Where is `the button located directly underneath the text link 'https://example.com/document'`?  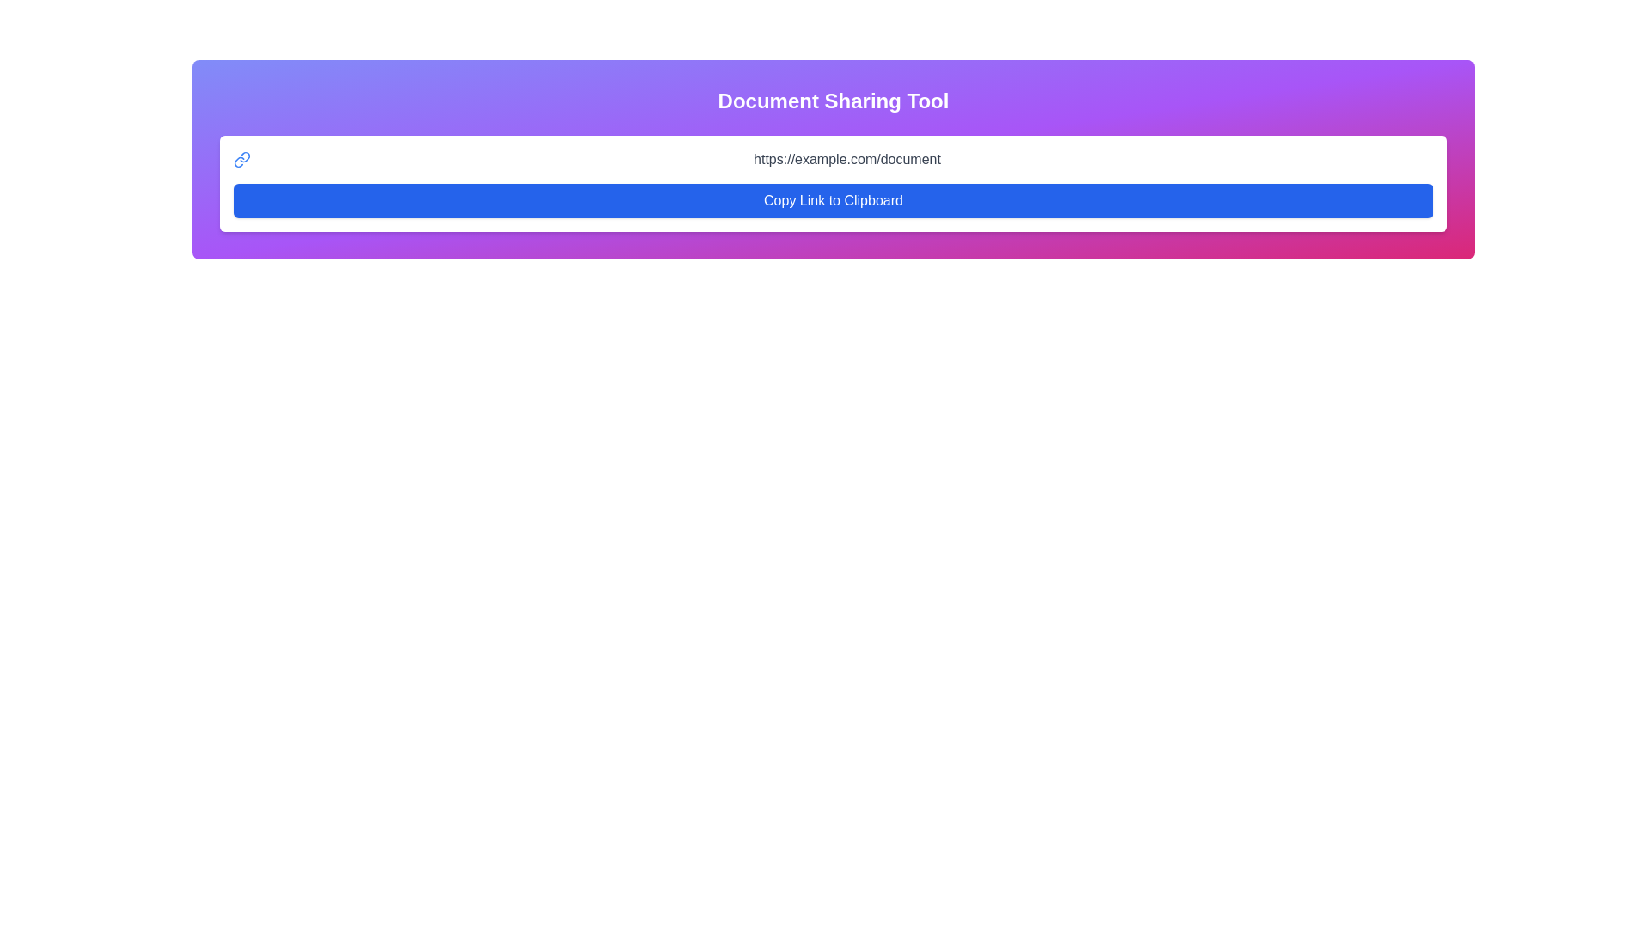 the button located directly underneath the text link 'https://example.com/document' is located at coordinates (833, 200).